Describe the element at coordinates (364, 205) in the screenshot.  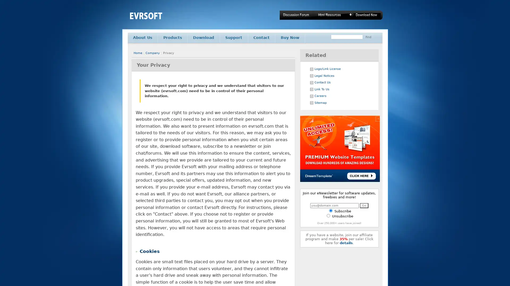
I see `Go` at that location.